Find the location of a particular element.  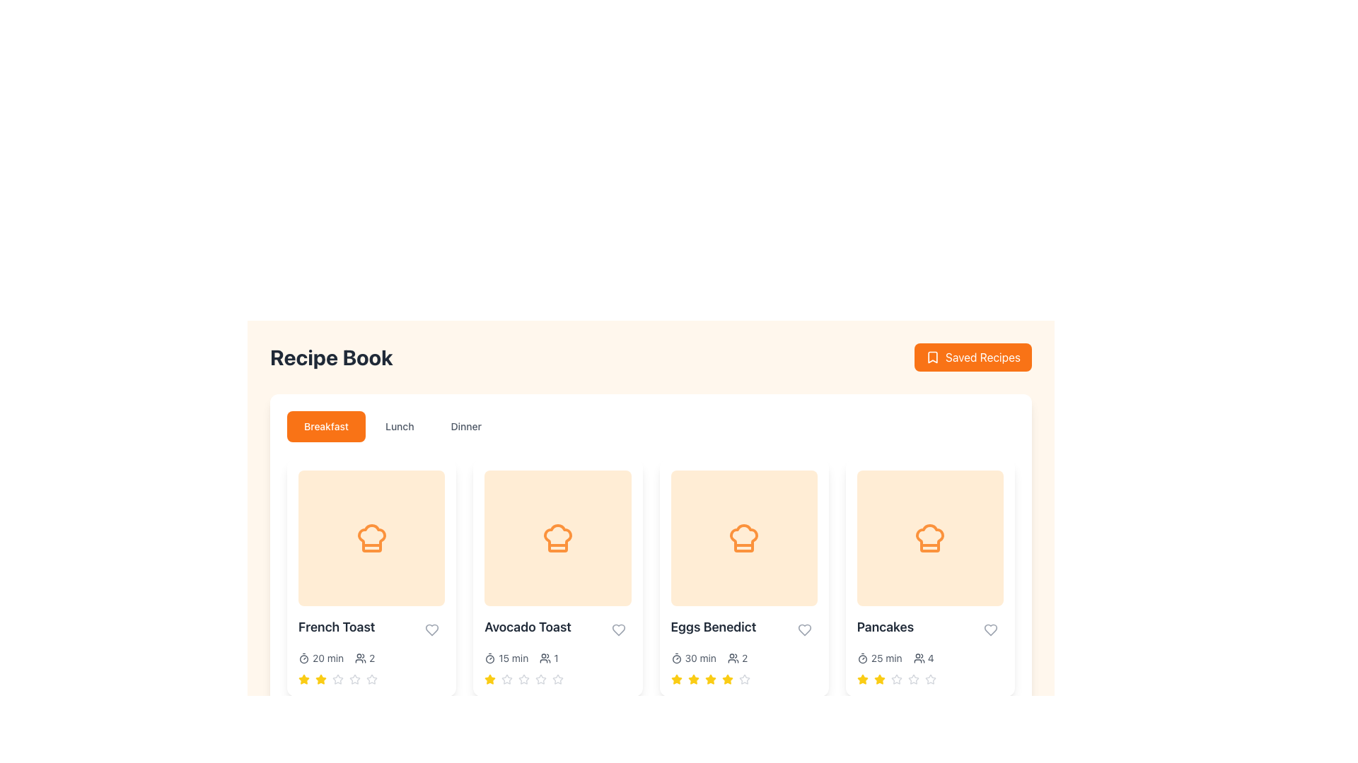

the title text label of the recipe displayed in the third card within the 'Breakfast' section of the 'Recipe Book' interface, which is located under the orange chef icon and above the description bar stating '30 min, 2' is located at coordinates (743, 629).